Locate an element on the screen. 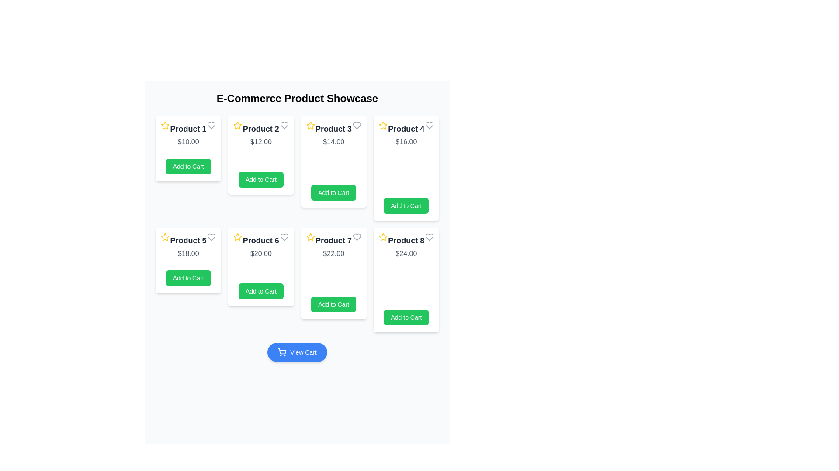 This screenshot has width=839, height=471. the heart icon button located at the top-right corner of the card displaying 'Product 5' is located at coordinates (211, 237).